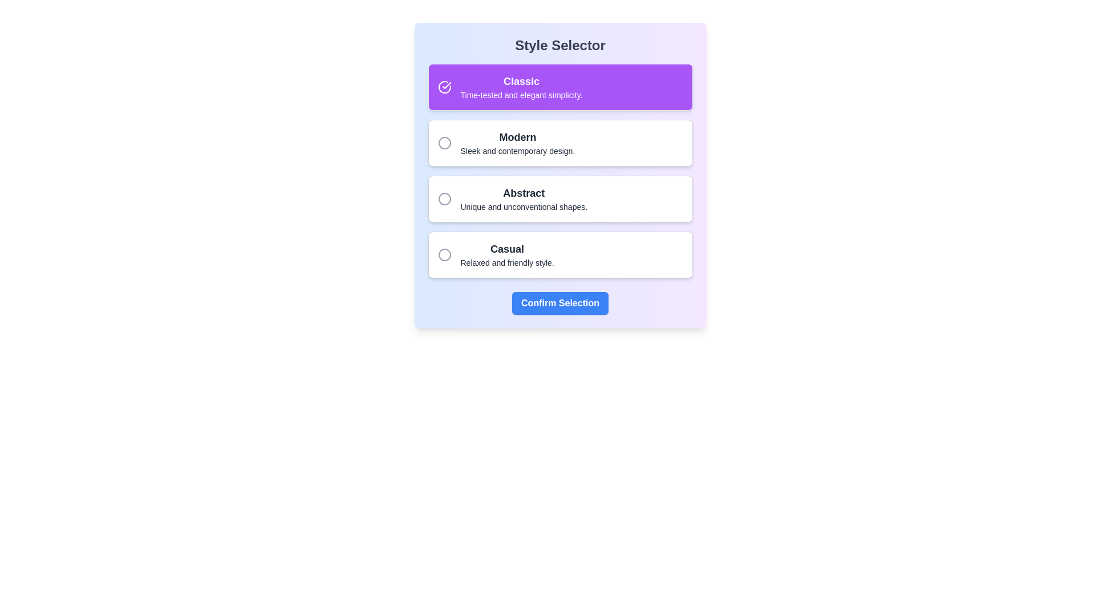 The image size is (1095, 616). Describe the element at coordinates (560, 45) in the screenshot. I see `the static text header indicating style selection at the top of the interface, which is centrally aligned within a rounded rectangle card` at that location.